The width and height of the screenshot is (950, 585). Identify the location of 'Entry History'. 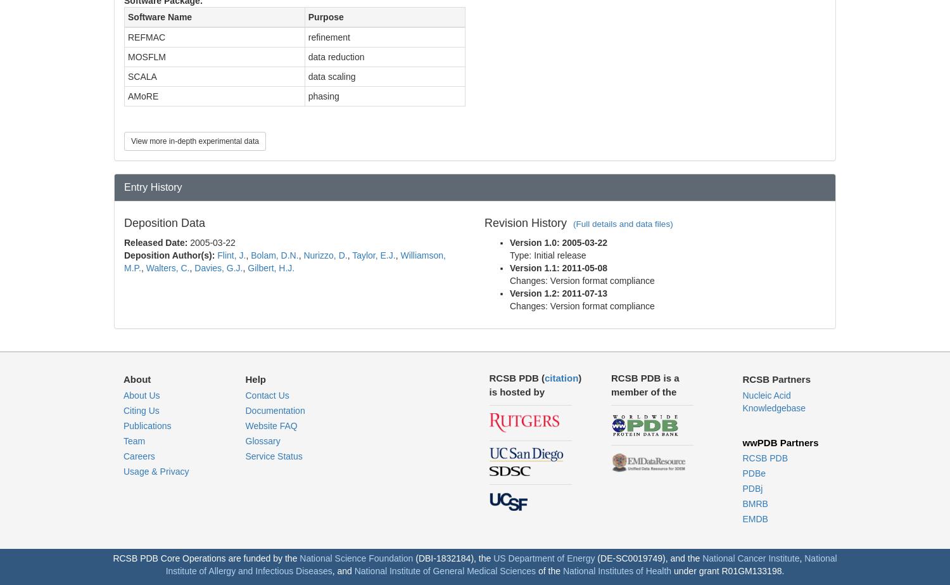
(154, 186).